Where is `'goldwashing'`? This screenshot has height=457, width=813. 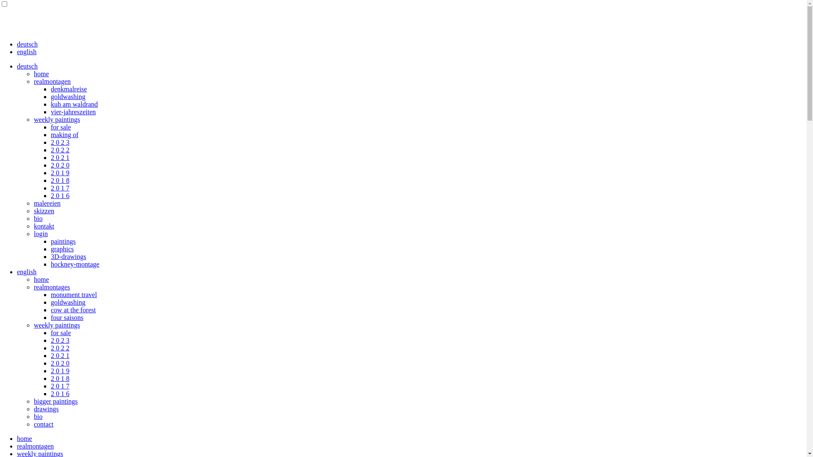 'goldwashing' is located at coordinates (68, 96).